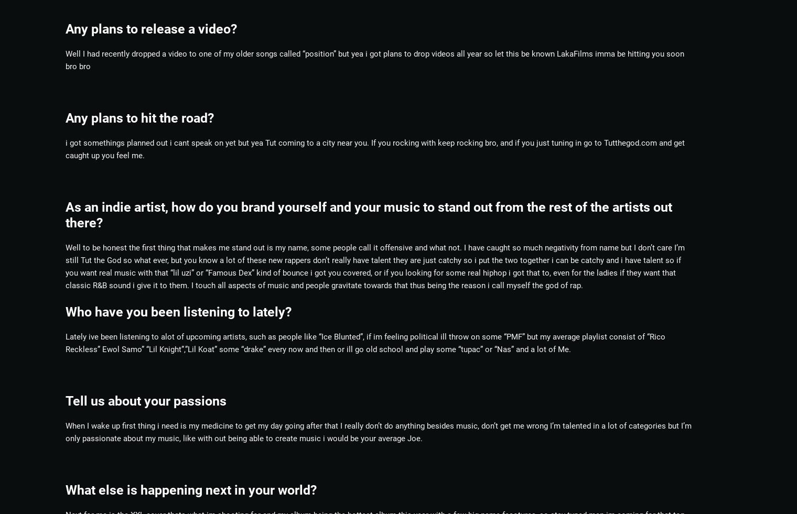 The height and width of the screenshot is (514, 797). I want to click on 'Any plans to hit the road?', so click(65, 117).